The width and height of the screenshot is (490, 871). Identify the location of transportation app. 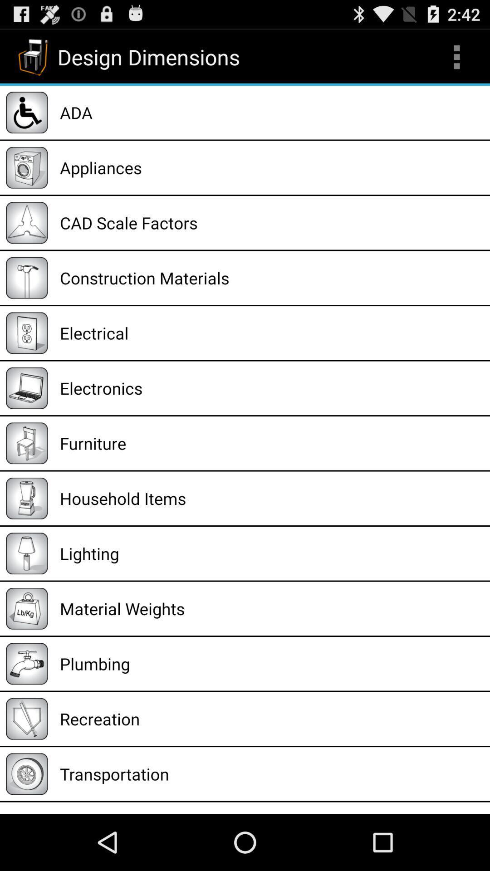
(271, 773).